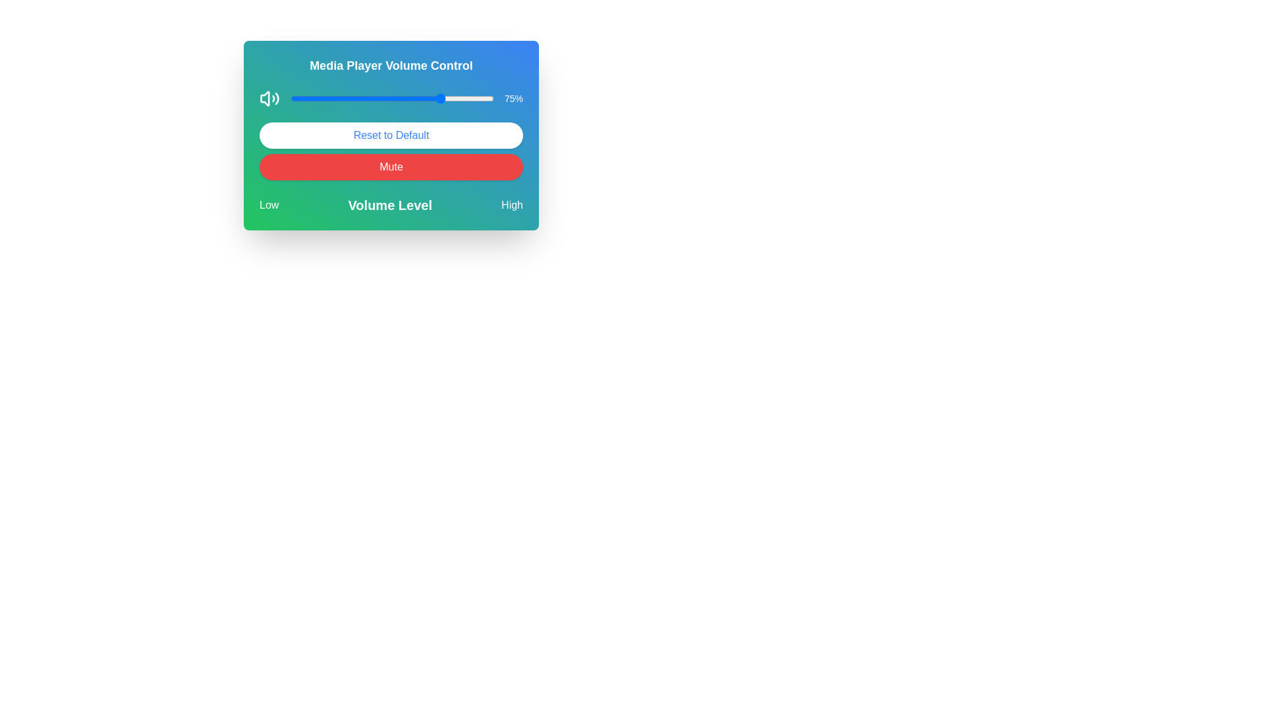 Image resolution: width=1265 pixels, height=711 pixels. What do you see at coordinates (389, 205) in the screenshot?
I see `the Text Label indicating the volume level, located between the 'Low' and 'High' labels at the bottom row of the media player interface` at bounding box center [389, 205].